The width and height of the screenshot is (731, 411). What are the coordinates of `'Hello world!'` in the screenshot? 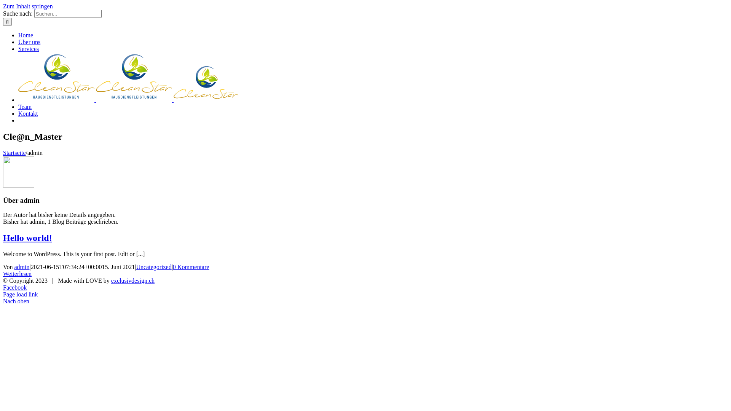 It's located at (3, 237).